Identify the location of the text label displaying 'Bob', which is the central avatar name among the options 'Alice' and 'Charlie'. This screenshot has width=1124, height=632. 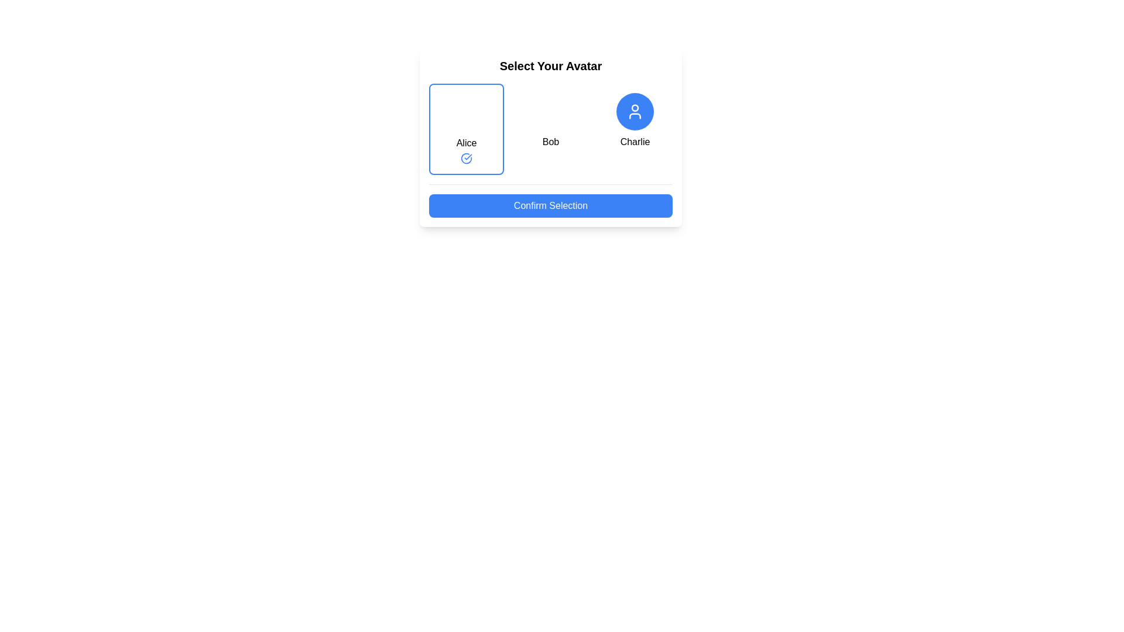
(550, 137).